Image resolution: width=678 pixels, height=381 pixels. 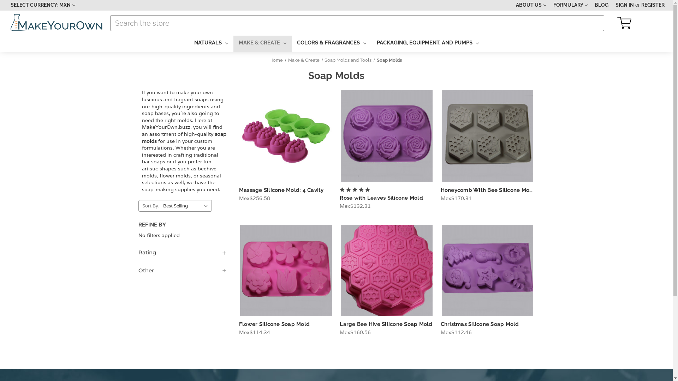 I want to click on 'Other', so click(x=183, y=270).